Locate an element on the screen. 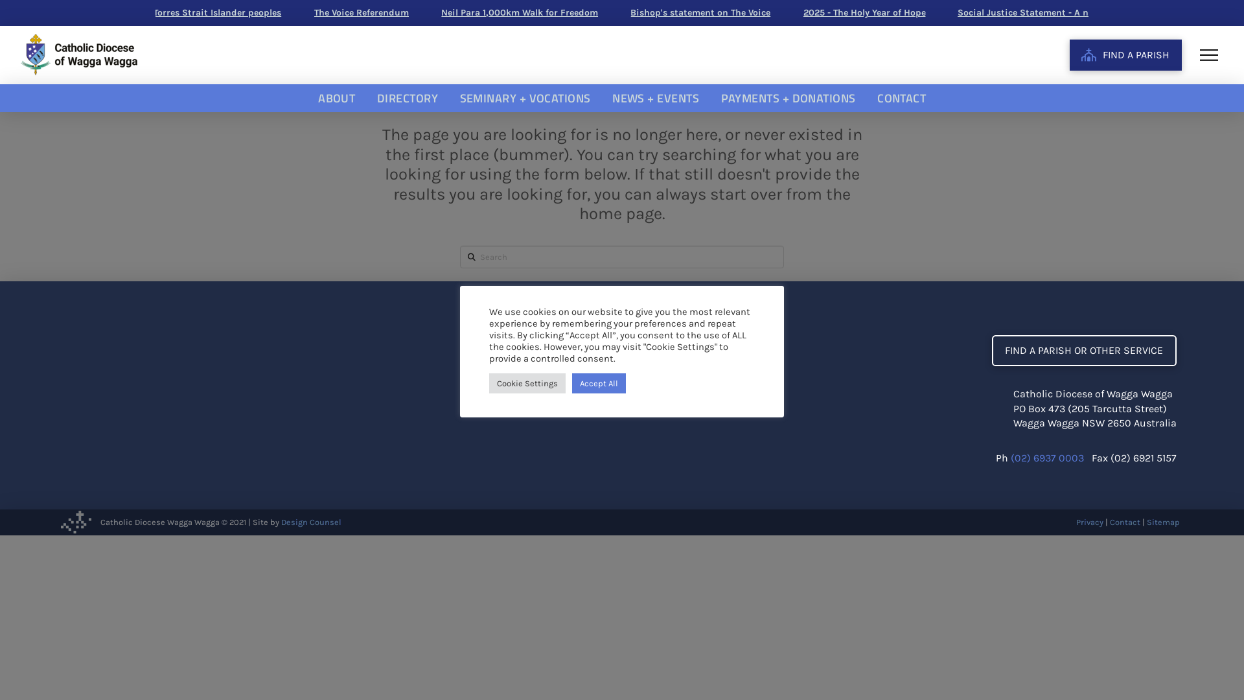  'Design Counsel' is located at coordinates (311, 521).